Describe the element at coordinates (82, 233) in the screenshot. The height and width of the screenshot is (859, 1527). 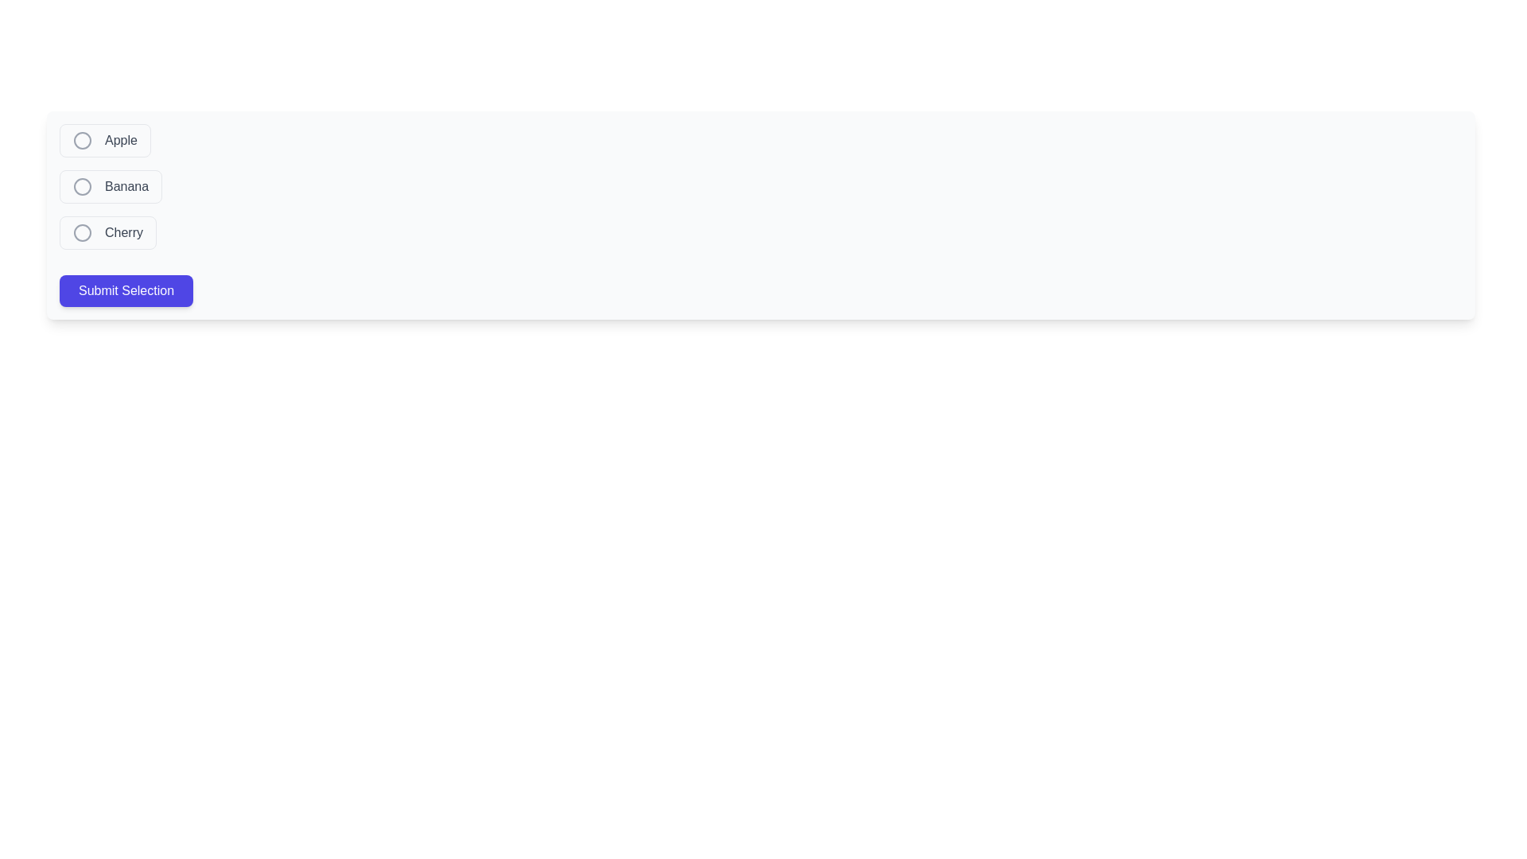
I see `the state of the circular SVG graphical component styled as a borderless ring, which is part of the radio button options labeled 'Cherry' in the third position` at that location.